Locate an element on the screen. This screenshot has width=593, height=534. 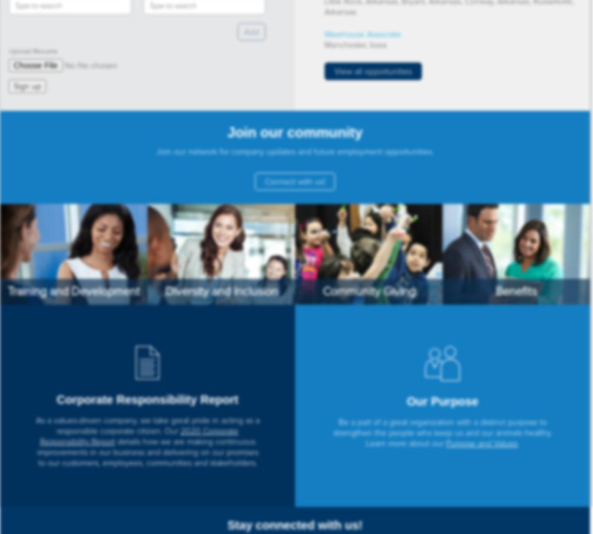
'Connect with us!' is located at coordinates (294, 181).